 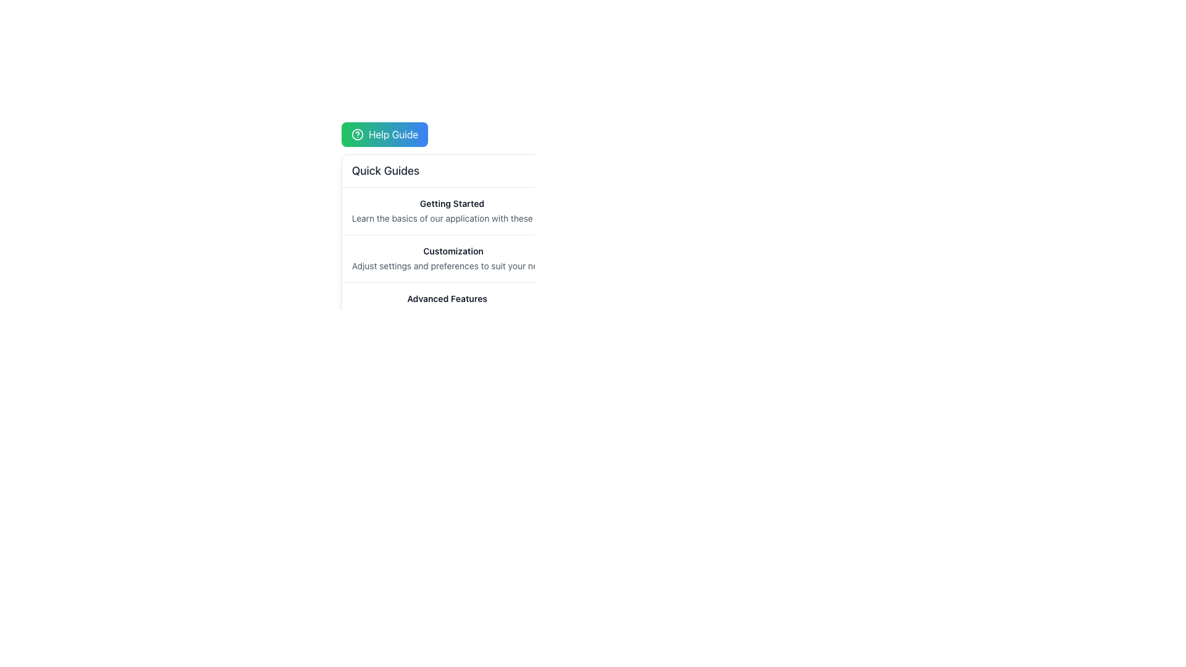 What do you see at coordinates (385, 171) in the screenshot?
I see `the header text 'Quick Guides' located near the top-left of the panel below the 'Help Guide' button` at bounding box center [385, 171].